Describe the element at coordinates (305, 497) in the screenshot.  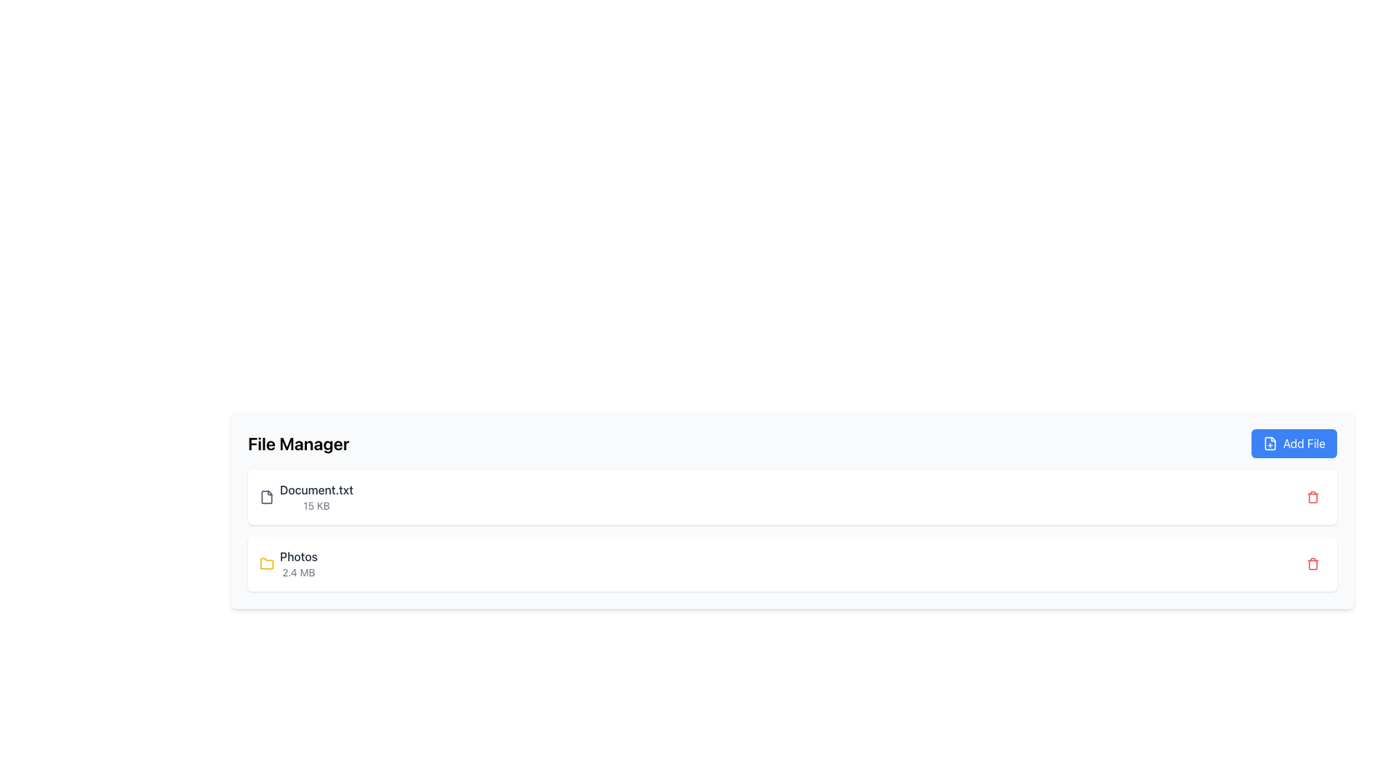
I see `to select the first file item in the file manager list, which displays its name and size for identification` at that location.